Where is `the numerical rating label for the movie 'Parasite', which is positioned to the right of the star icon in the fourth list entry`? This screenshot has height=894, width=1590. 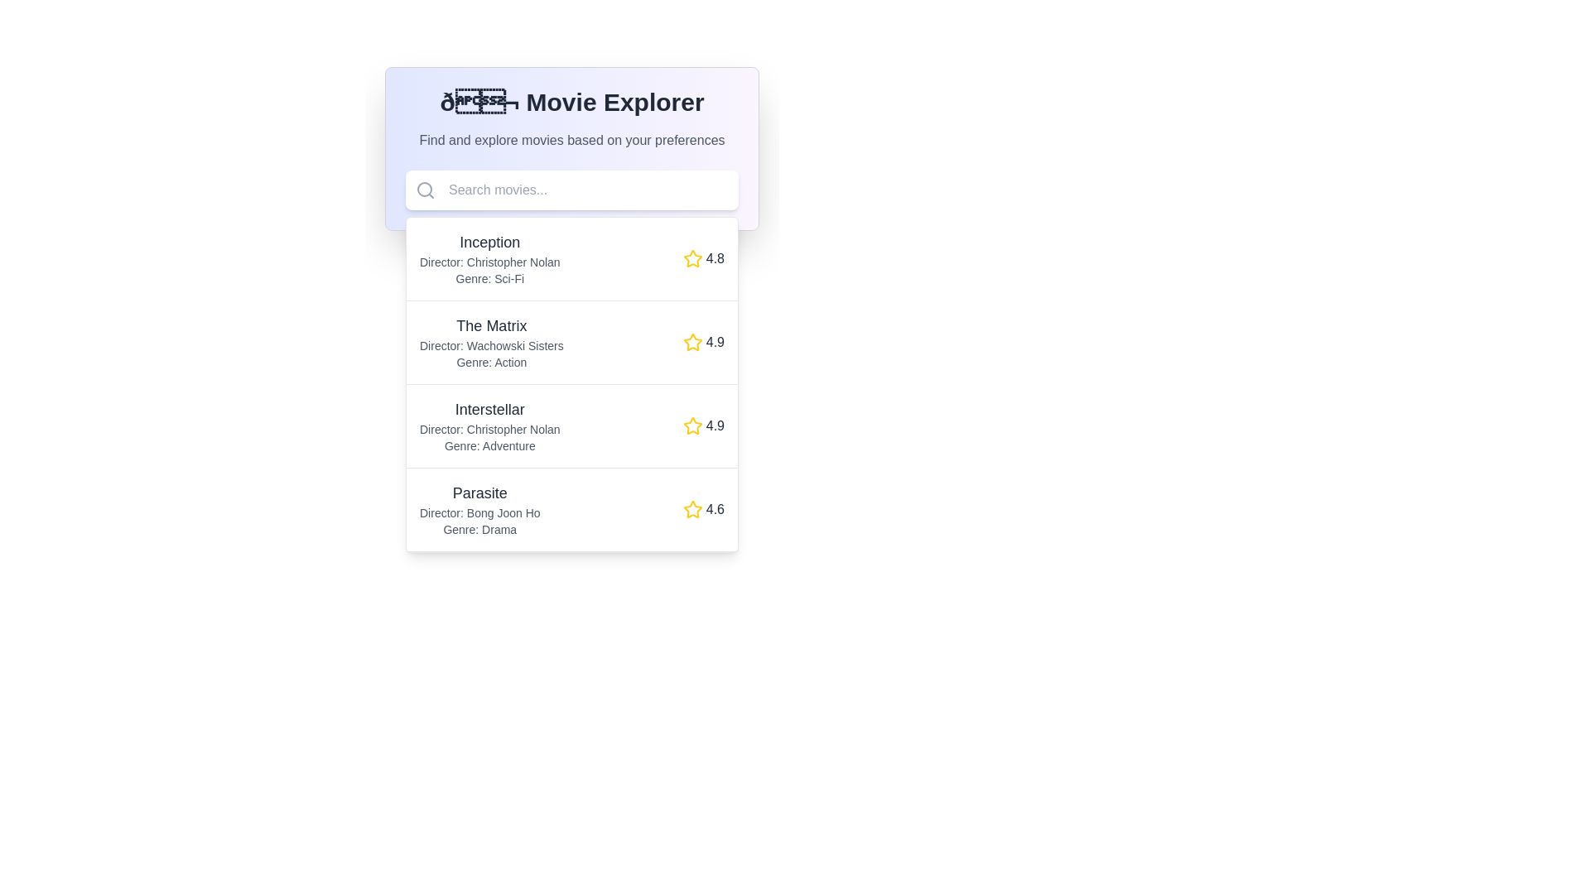 the numerical rating label for the movie 'Parasite', which is positioned to the right of the star icon in the fourth list entry is located at coordinates (715, 509).